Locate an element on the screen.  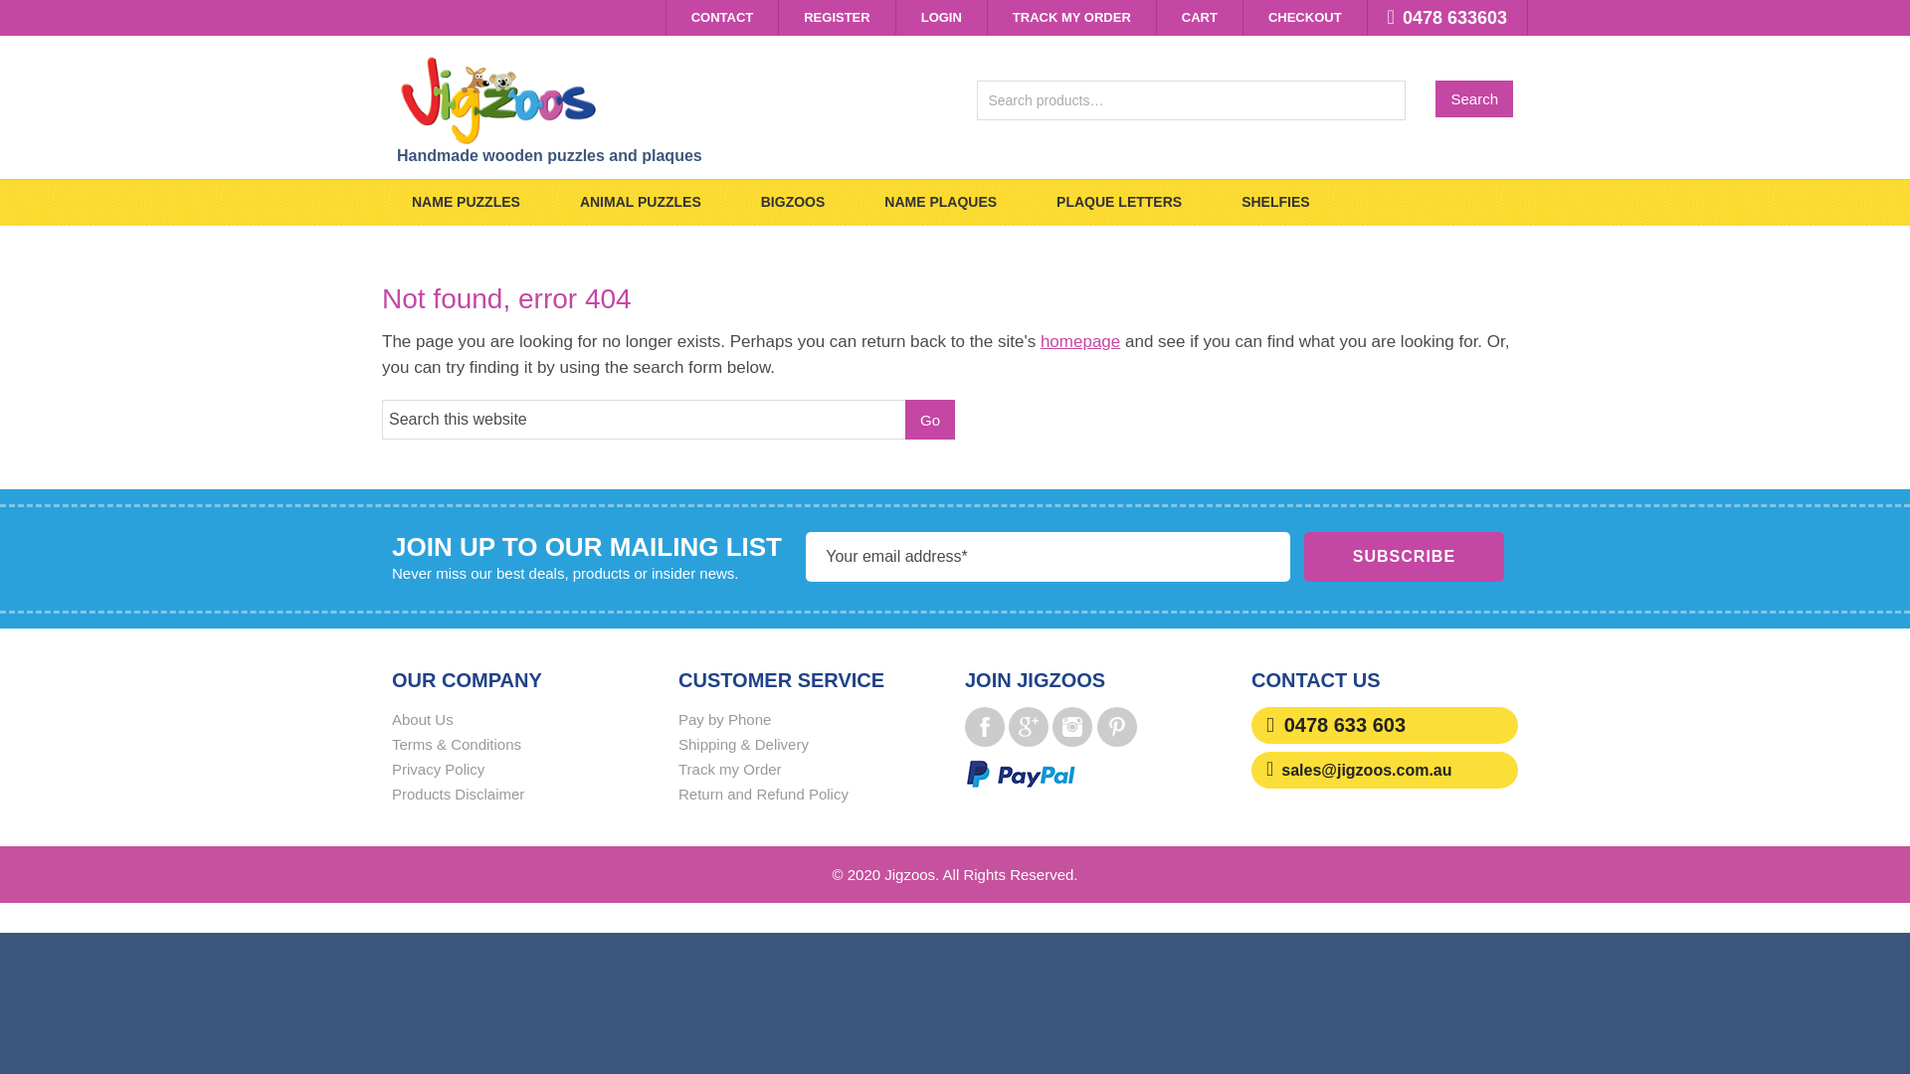
'CART' is located at coordinates (1198, 17).